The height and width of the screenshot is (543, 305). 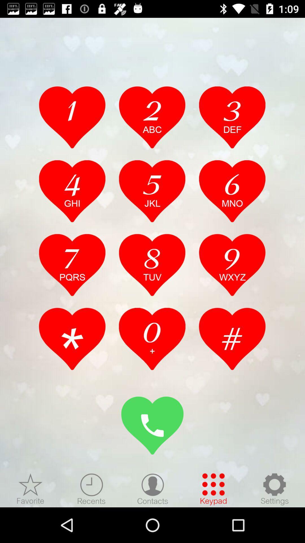 I want to click on check setting option, so click(x=274, y=489).